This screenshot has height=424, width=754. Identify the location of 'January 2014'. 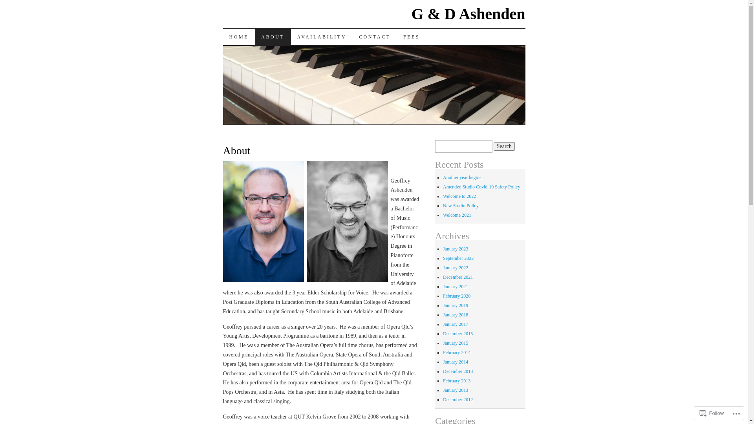
(456, 362).